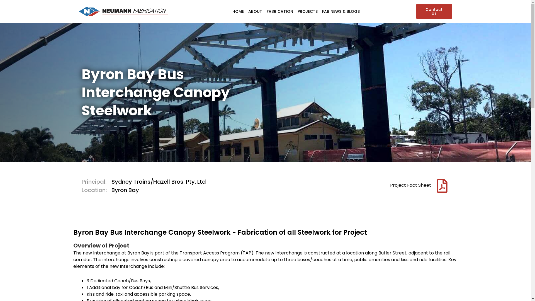 This screenshot has height=301, width=535. I want to click on 'FAB NEWS & BLOGS', so click(341, 11).